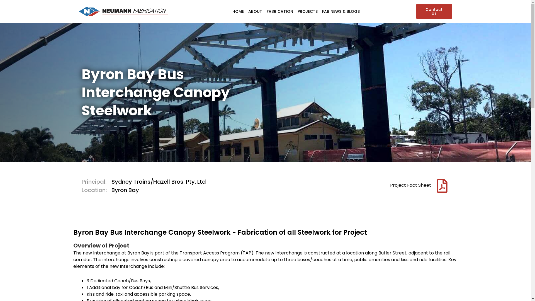 This screenshot has height=301, width=535. I want to click on 'FAB NEWS & BLOGS', so click(341, 11).